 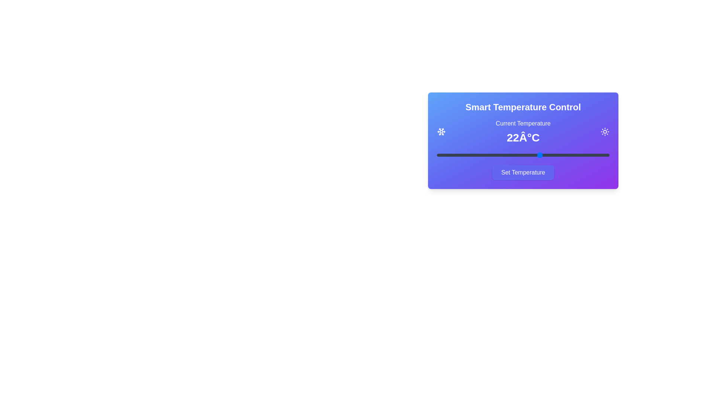 What do you see at coordinates (575, 154) in the screenshot?
I see `the temperature slider` at bounding box center [575, 154].